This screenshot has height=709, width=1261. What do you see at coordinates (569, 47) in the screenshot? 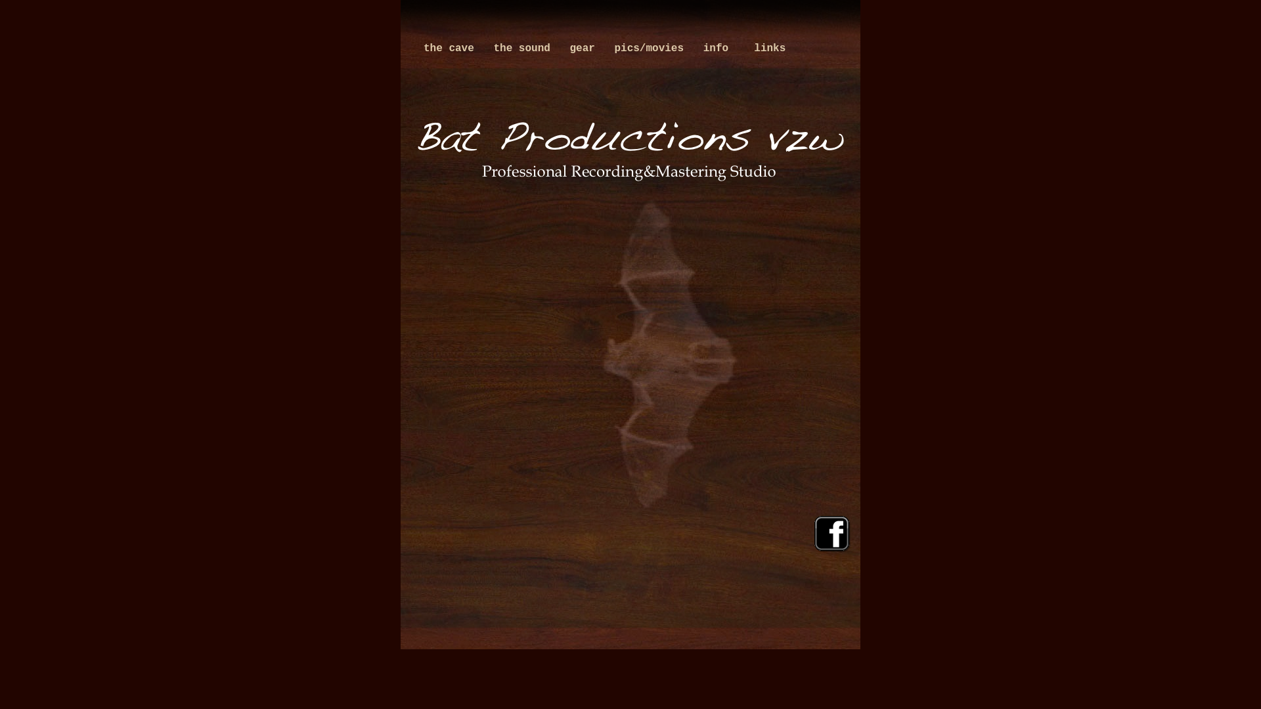
I see `'gear'` at bounding box center [569, 47].